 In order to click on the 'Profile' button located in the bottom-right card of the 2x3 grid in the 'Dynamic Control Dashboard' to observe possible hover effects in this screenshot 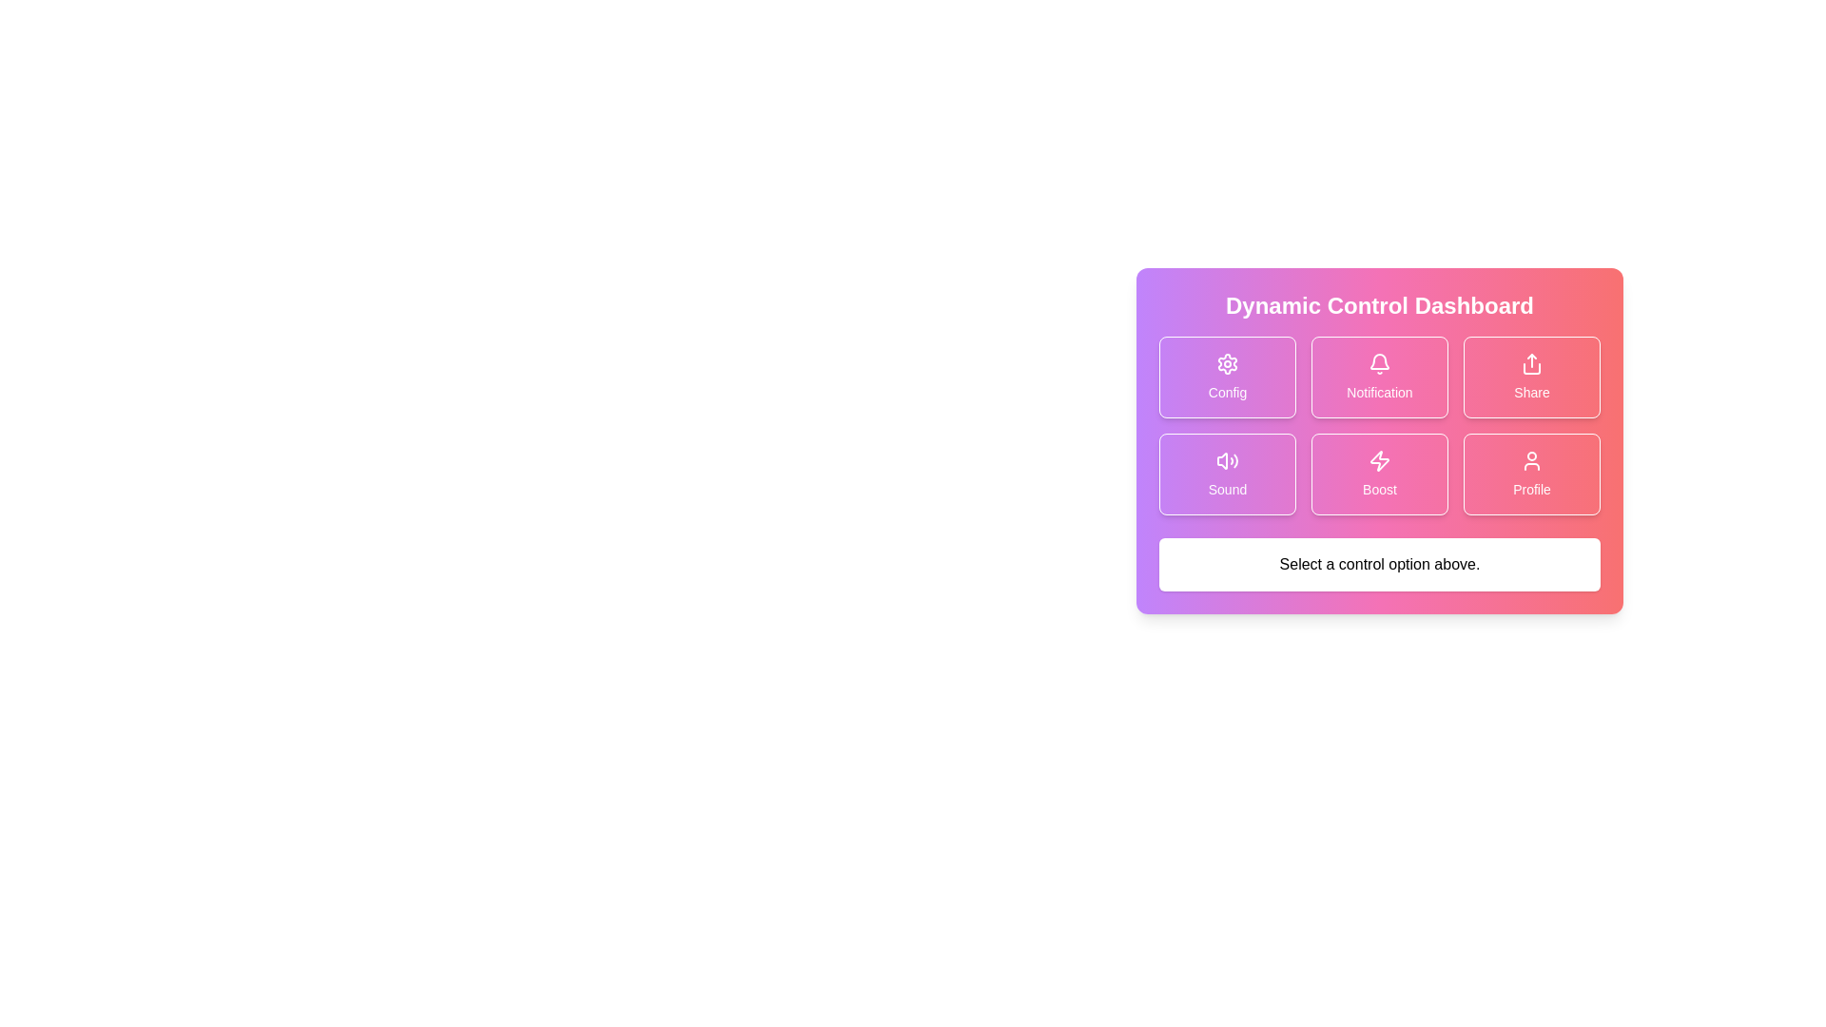, I will do `click(1532, 473)`.